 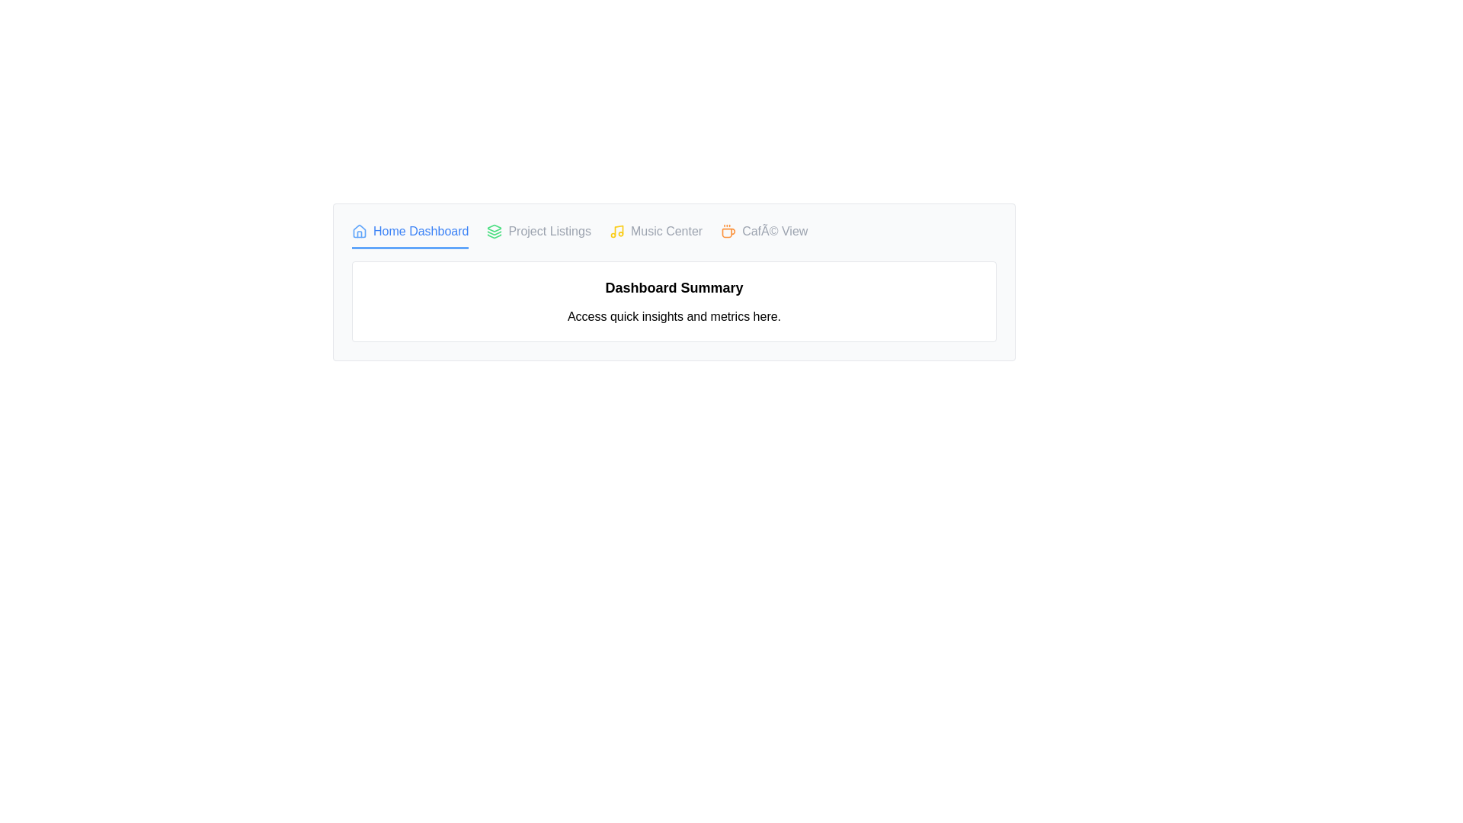 I want to click on the 'Home Dashboard' icon located in the navigation bar at the top left section of the main content area, so click(x=358, y=232).